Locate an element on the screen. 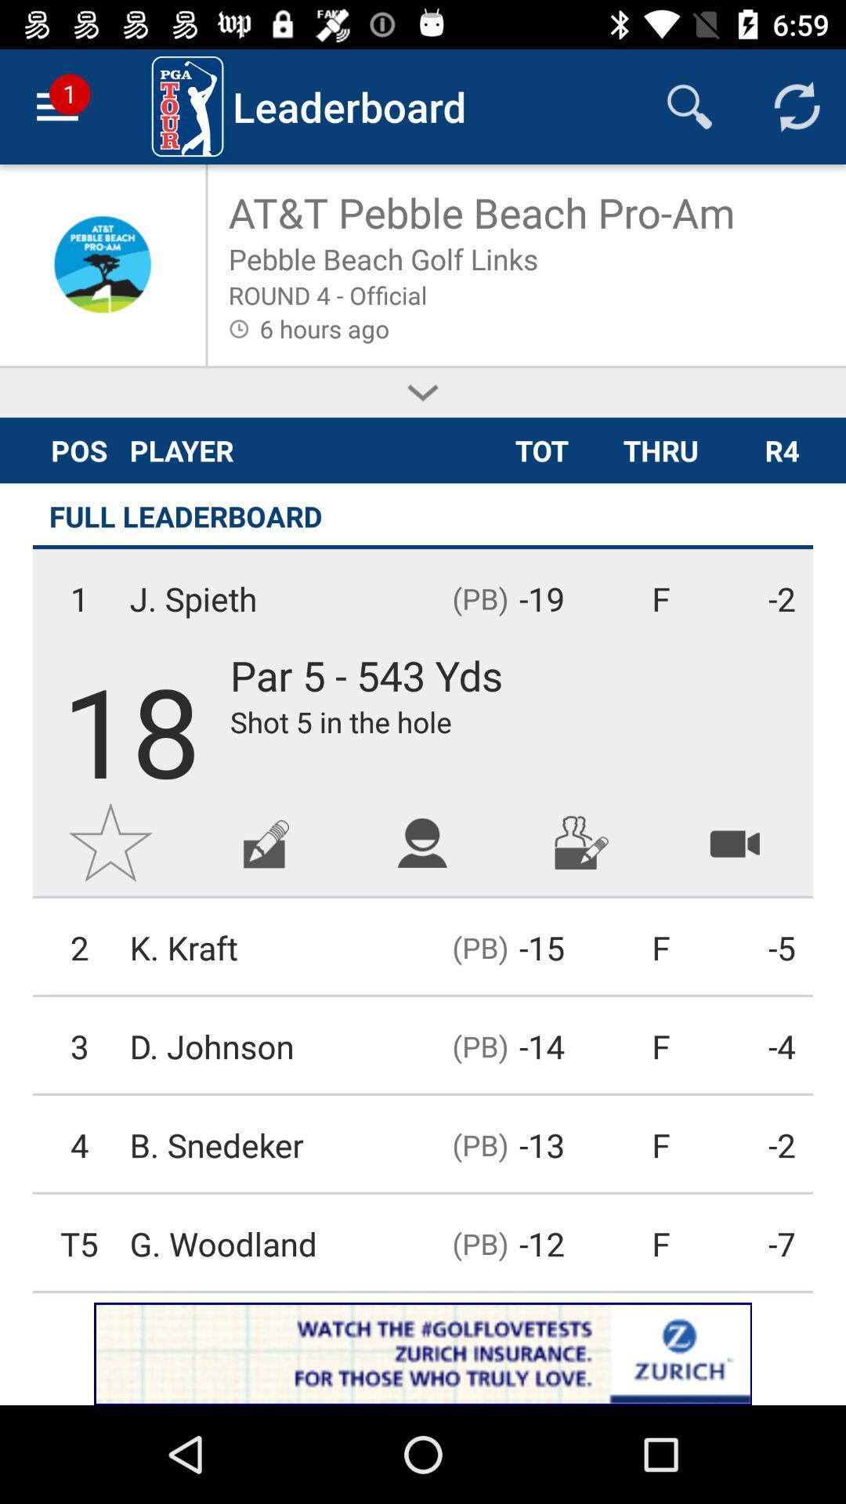 This screenshot has height=1504, width=846. the insurance company is located at coordinates (423, 1353).